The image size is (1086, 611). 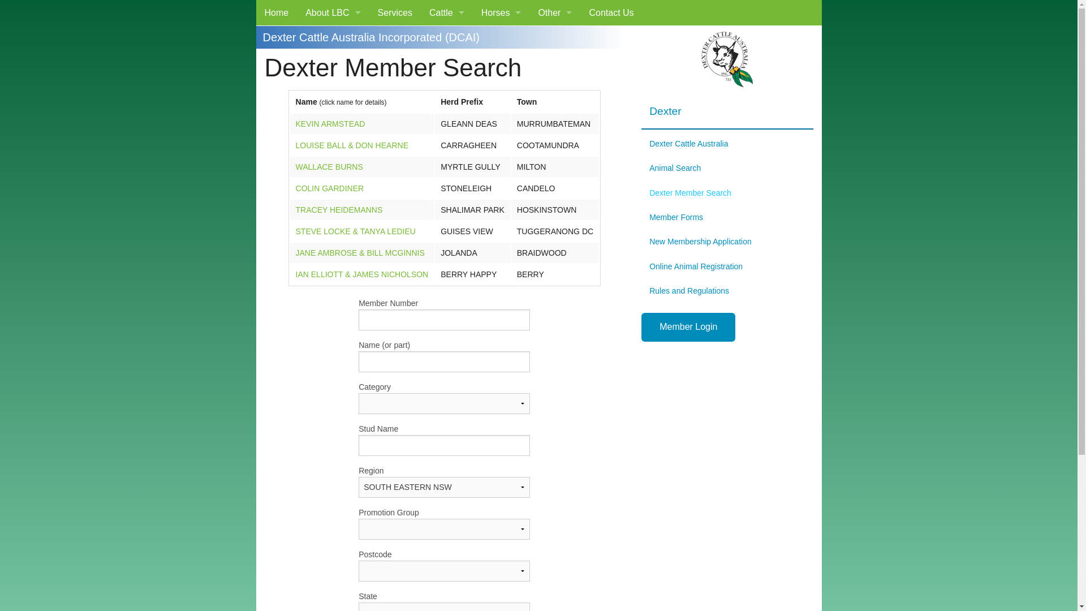 I want to click on 'What We Do', so click(x=332, y=37).